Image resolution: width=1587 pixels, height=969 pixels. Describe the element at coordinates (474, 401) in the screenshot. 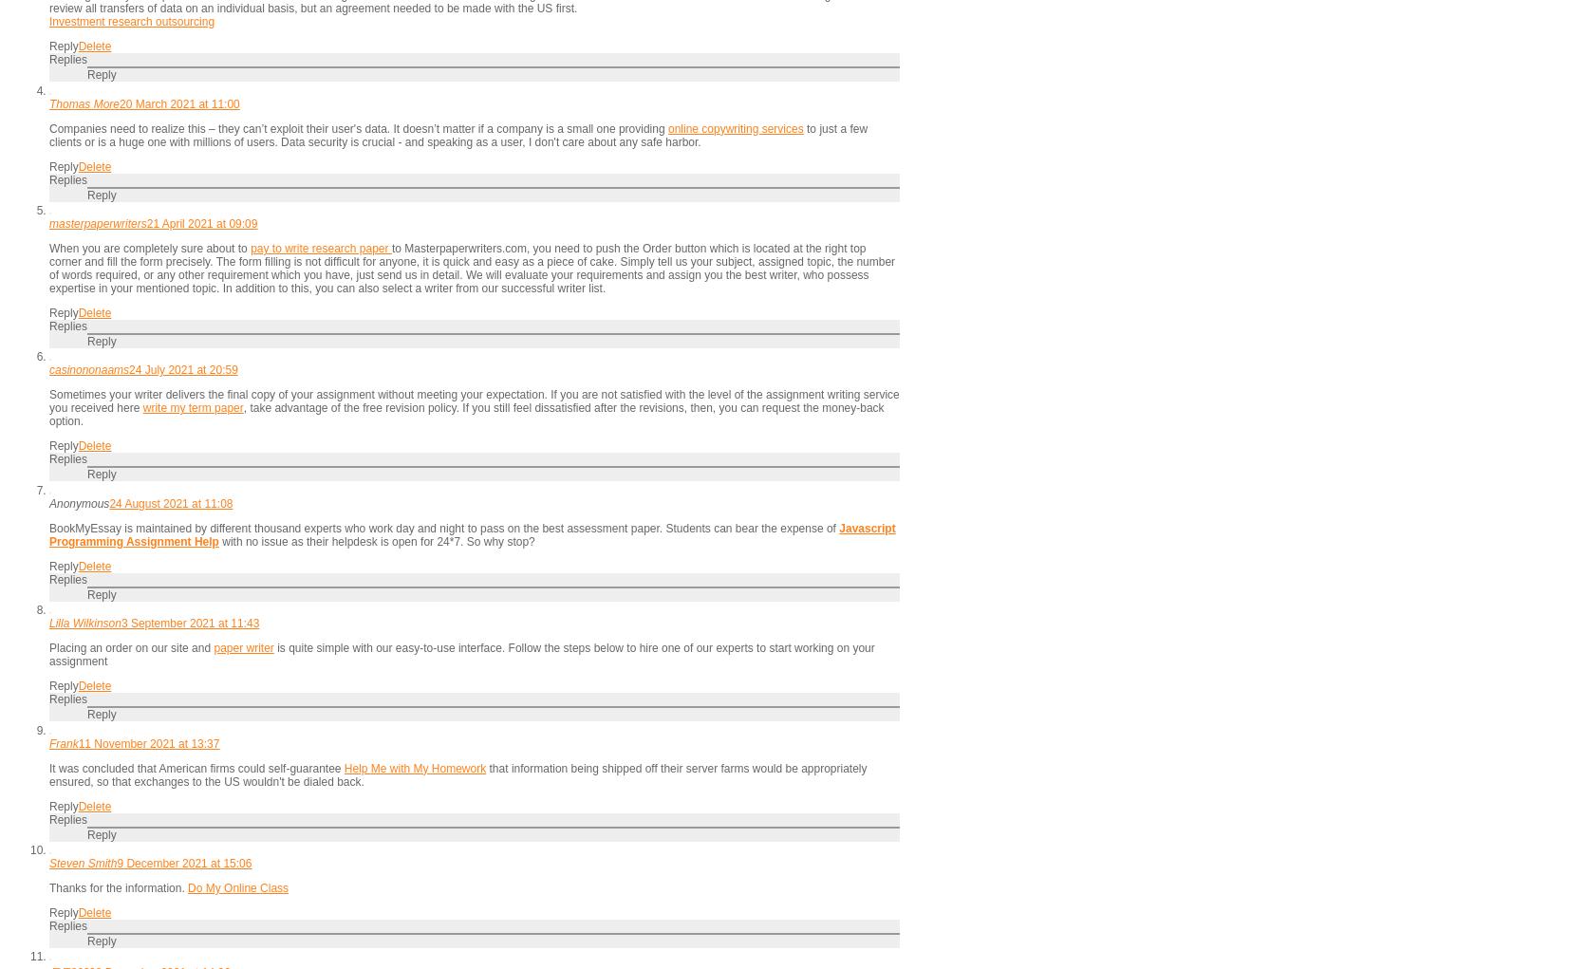

I see `'Sometimes your writer delivers the final copy of your assignment without meeting your expectation. If you are not satisfied with the level of the assignment writing service you received here'` at that location.